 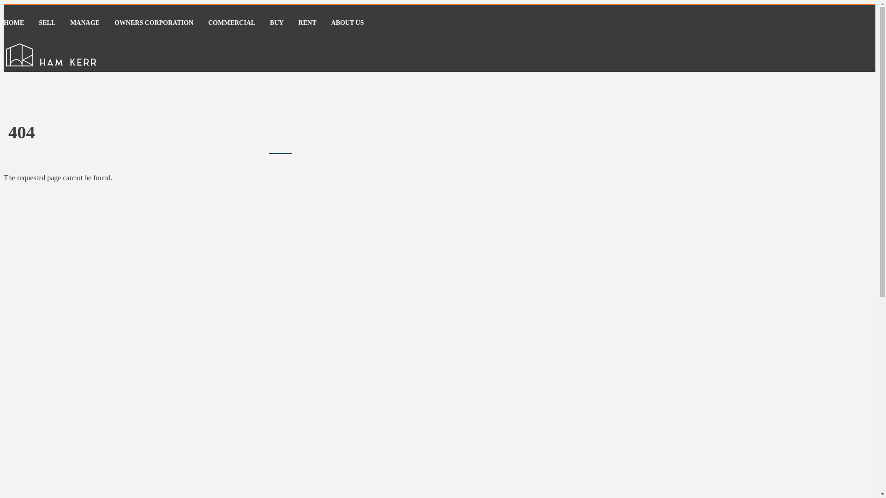 I want to click on 'HOME', so click(x=13, y=23).